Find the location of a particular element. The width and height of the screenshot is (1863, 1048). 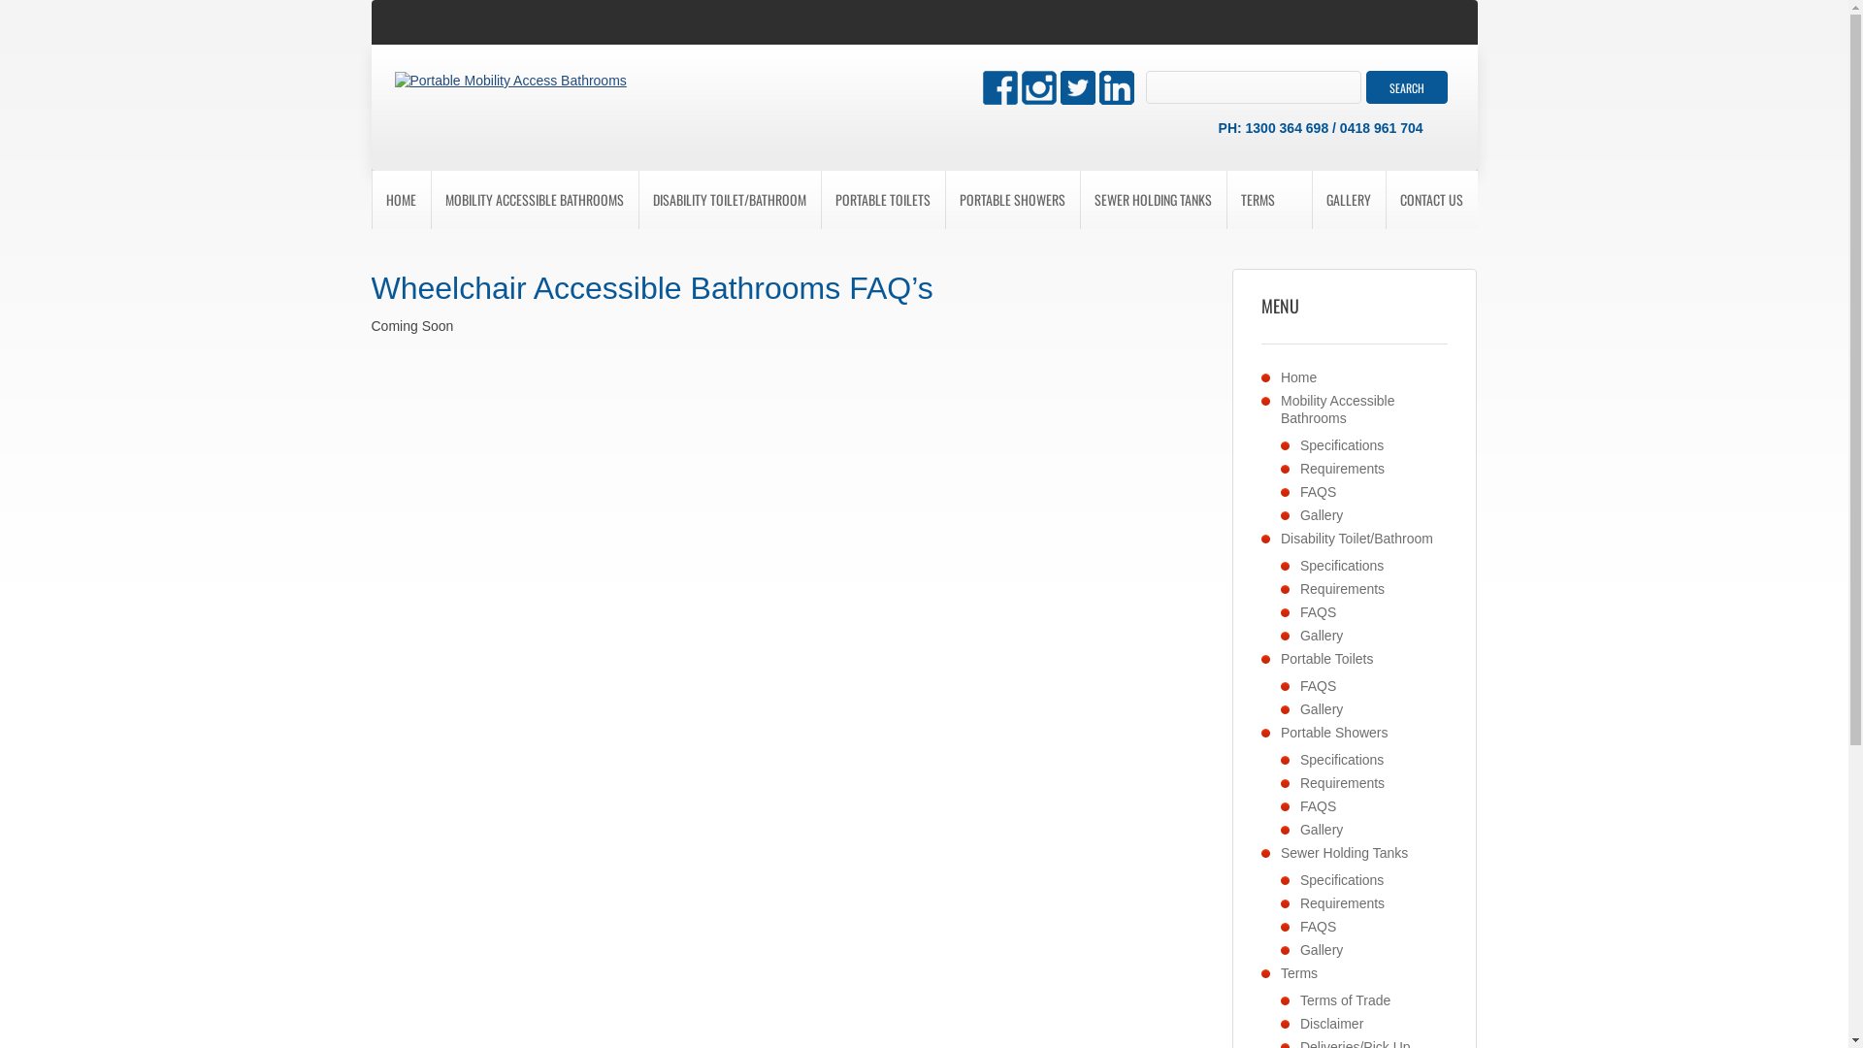

'Disability Toilet/Bathroom' is located at coordinates (1356, 539).